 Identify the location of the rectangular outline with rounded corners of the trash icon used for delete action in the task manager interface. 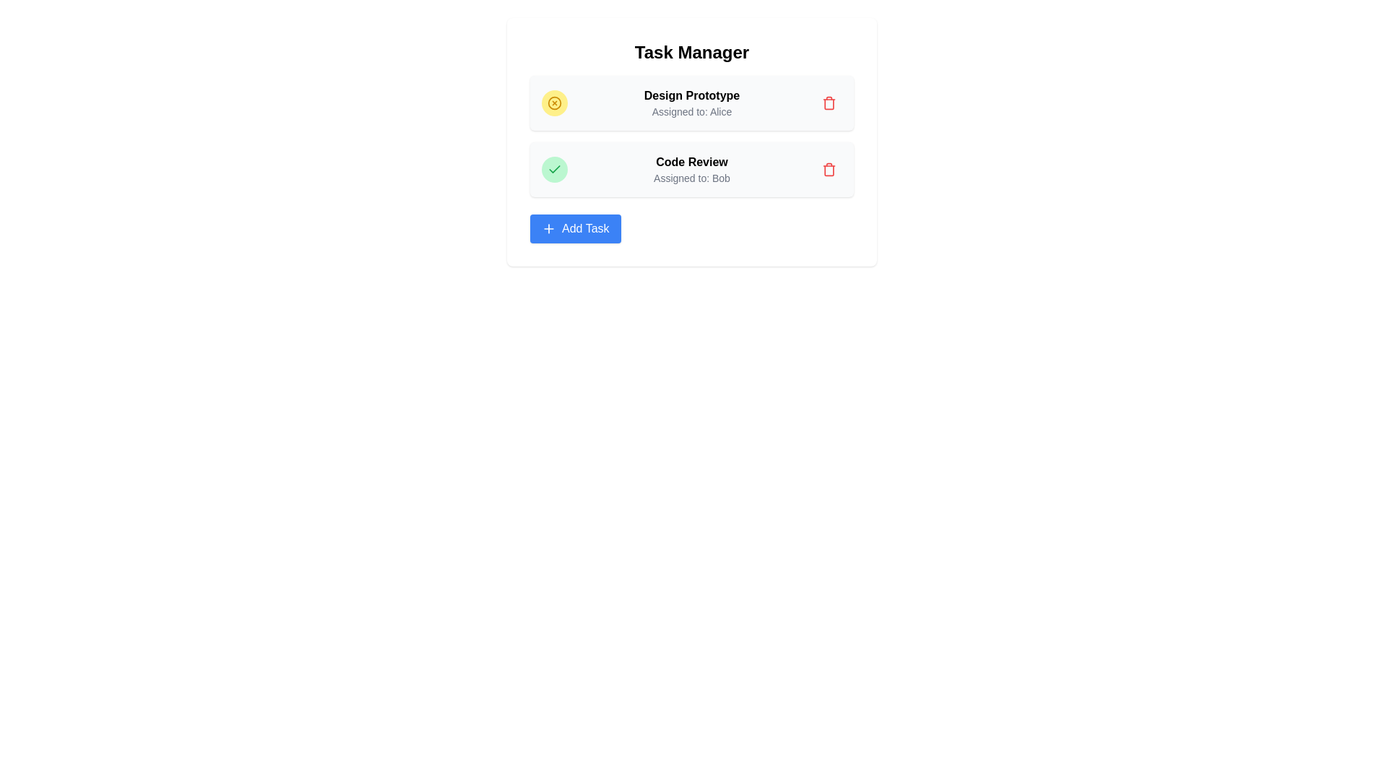
(829, 103).